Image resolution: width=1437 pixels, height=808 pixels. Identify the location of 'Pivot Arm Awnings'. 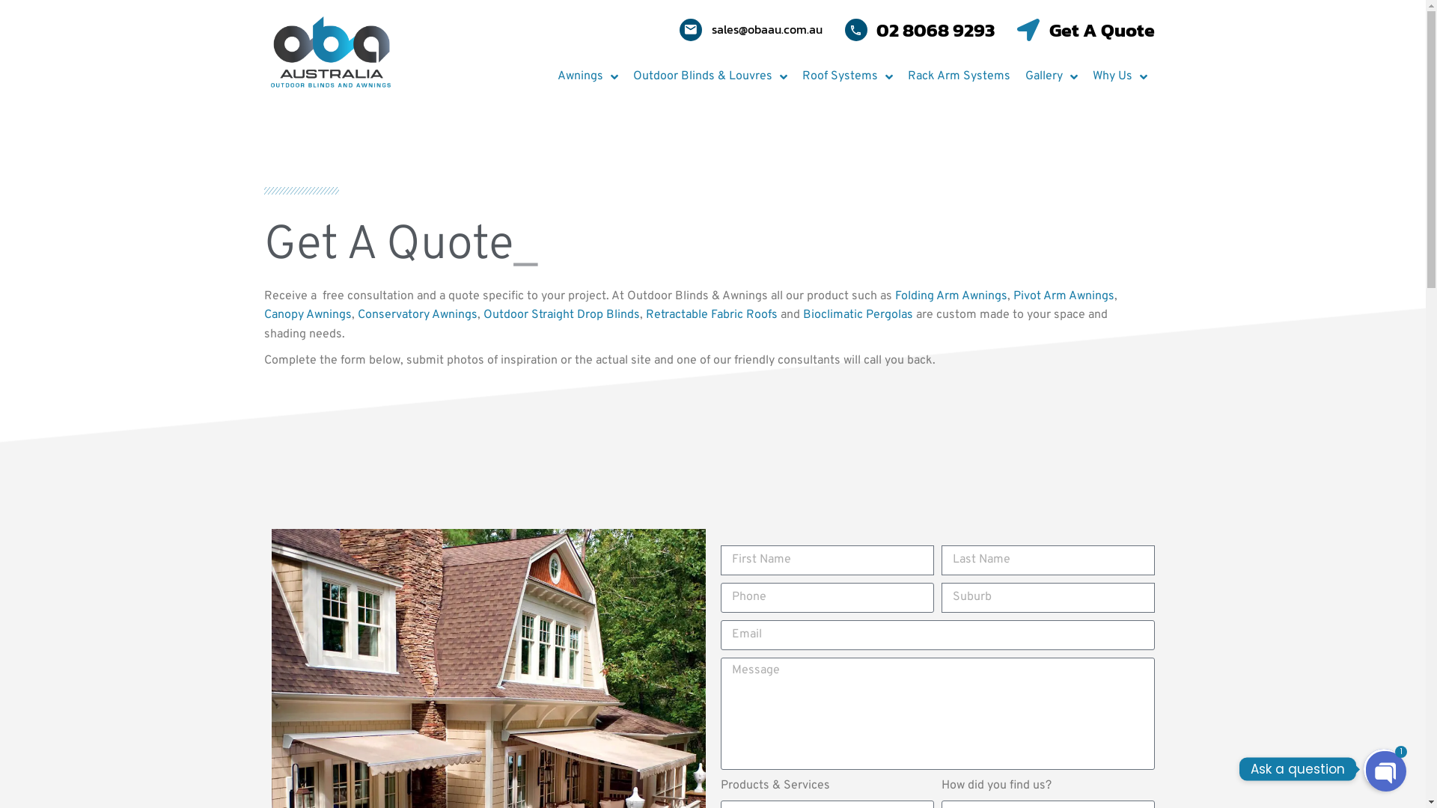
(1063, 296).